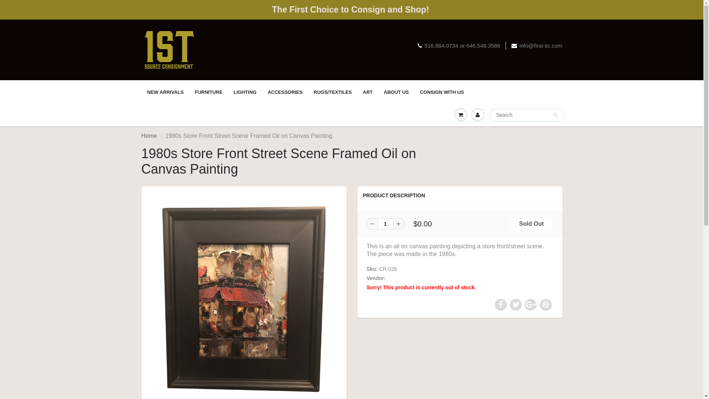  What do you see at coordinates (511, 45) in the screenshot?
I see `'info@first-sc.com'` at bounding box center [511, 45].